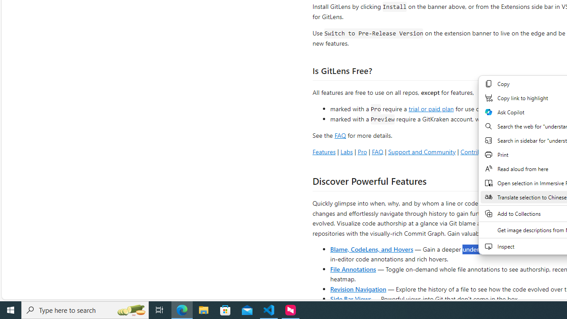 The height and width of the screenshot is (319, 567). I want to click on 'FAQ', so click(377, 151).